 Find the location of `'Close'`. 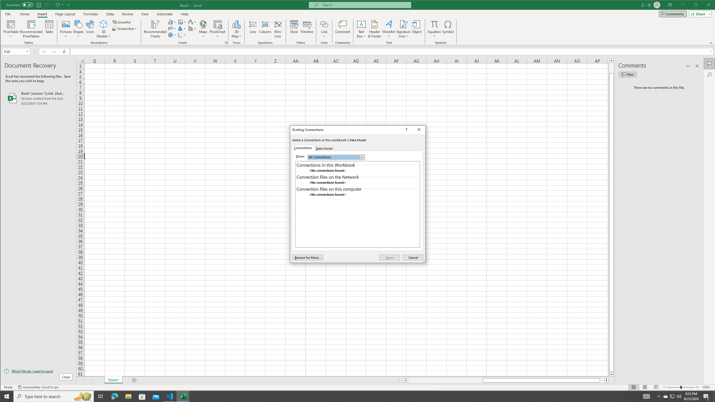

'Close' is located at coordinates (419, 129).